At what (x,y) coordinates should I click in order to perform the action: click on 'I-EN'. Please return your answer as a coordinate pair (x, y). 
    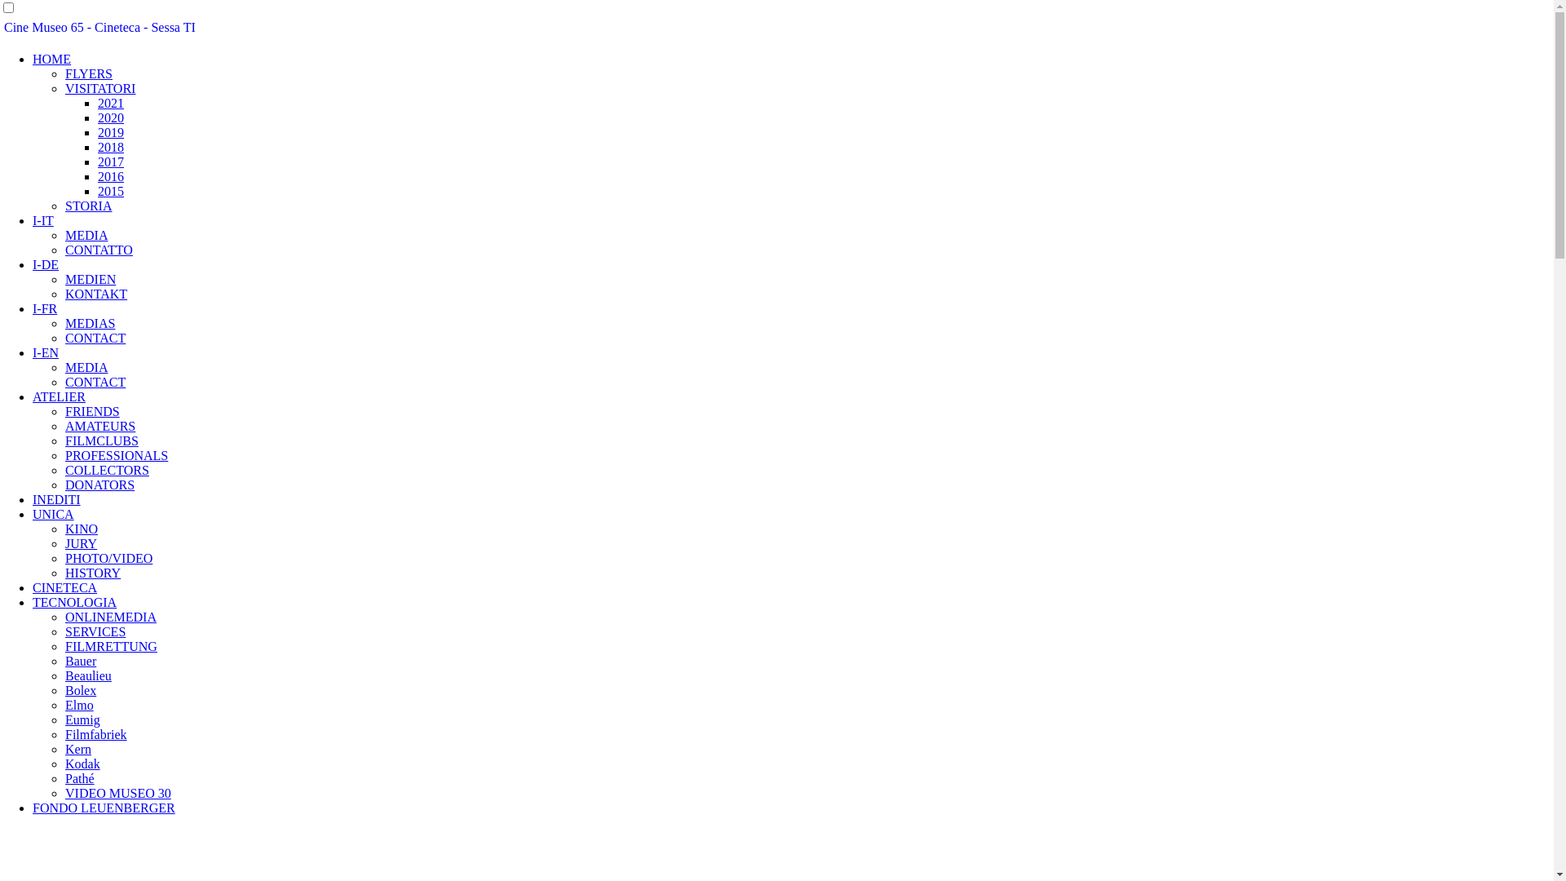
    Looking at the image, I should click on (32, 352).